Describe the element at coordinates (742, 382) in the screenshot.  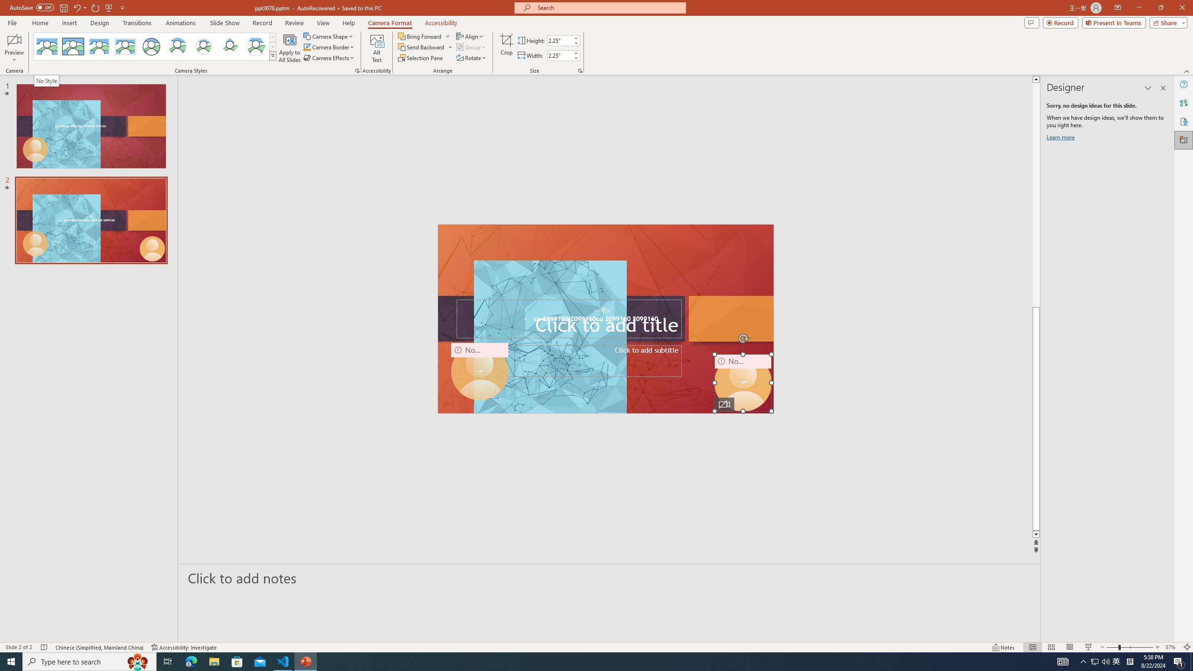
I see `'Camera 14, No camera detected.'` at that location.